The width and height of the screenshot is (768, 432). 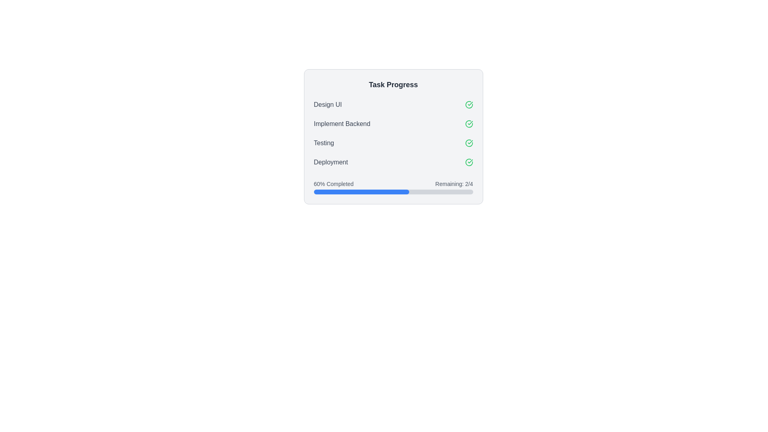 I want to click on the verification icon indicating the successful completion of the 'Testing' task, located at the right end of the row with the 'Testing' label, so click(x=469, y=143).